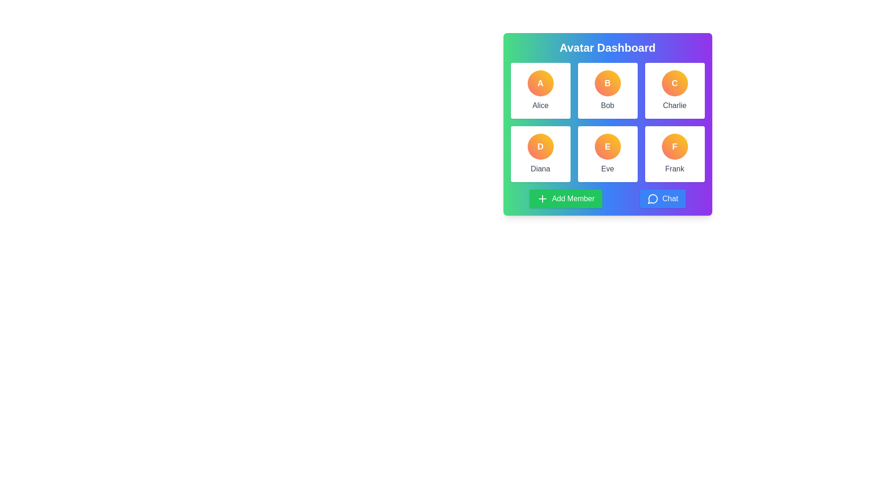 This screenshot has height=503, width=895. Describe the element at coordinates (675, 147) in the screenshot. I see `on the avatar representing the user 'Frank' identified by the initial 'F' located in the bottom-right corner of the card interface` at that location.